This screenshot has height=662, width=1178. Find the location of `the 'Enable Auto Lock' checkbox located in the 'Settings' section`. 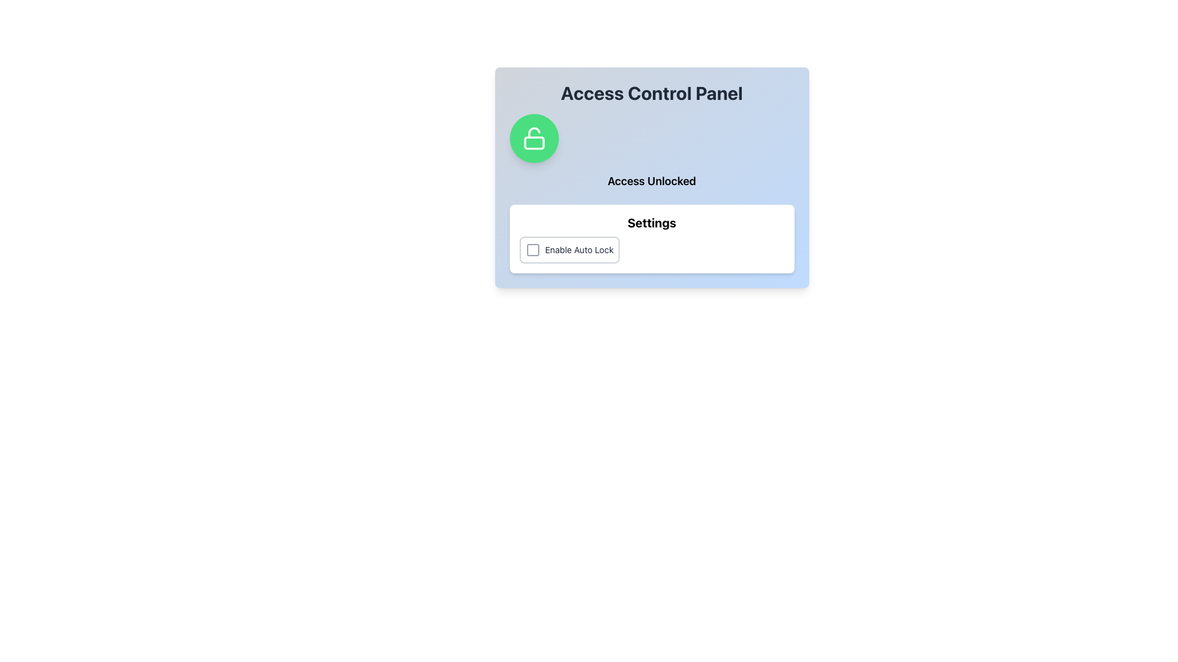

the 'Enable Auto Lock' checkbox located in the 'Settings' section is located at coordinates (651, 249).